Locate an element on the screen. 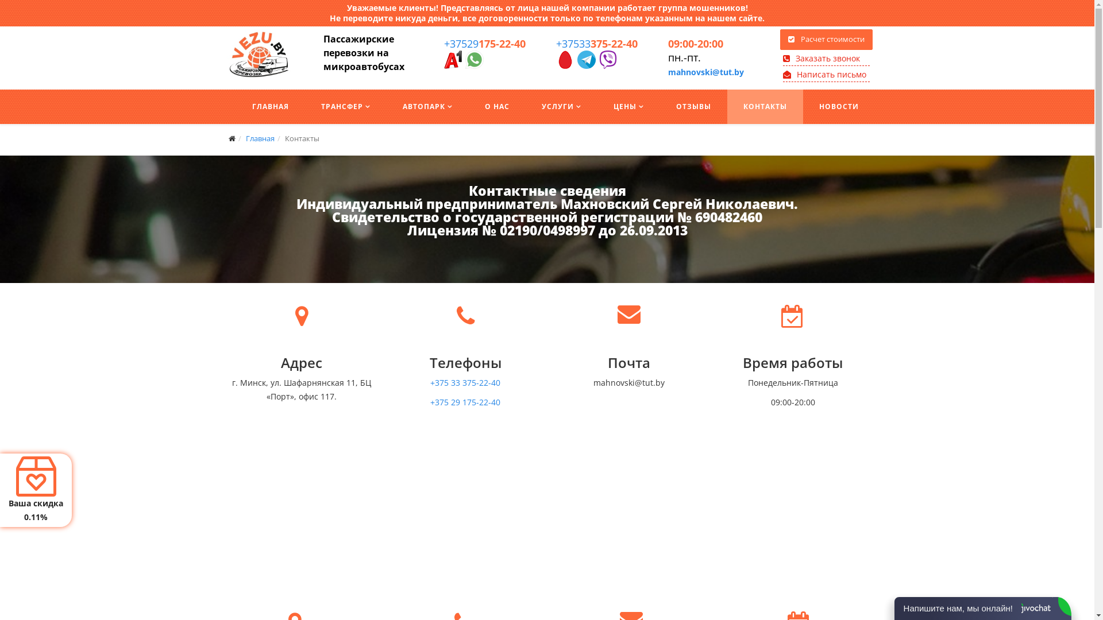 The image size is (1103, 620). '+37533 is located at coordinates (596, 43).